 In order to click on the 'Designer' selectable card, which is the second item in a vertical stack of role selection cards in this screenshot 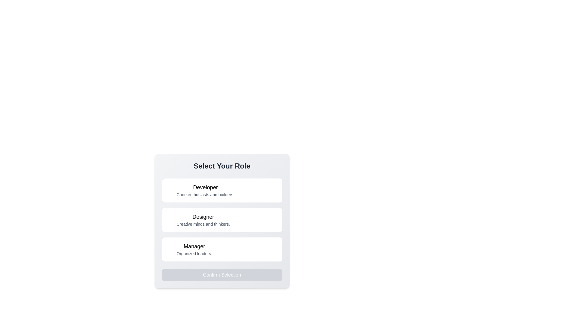, I will do `click(222, 220)`.